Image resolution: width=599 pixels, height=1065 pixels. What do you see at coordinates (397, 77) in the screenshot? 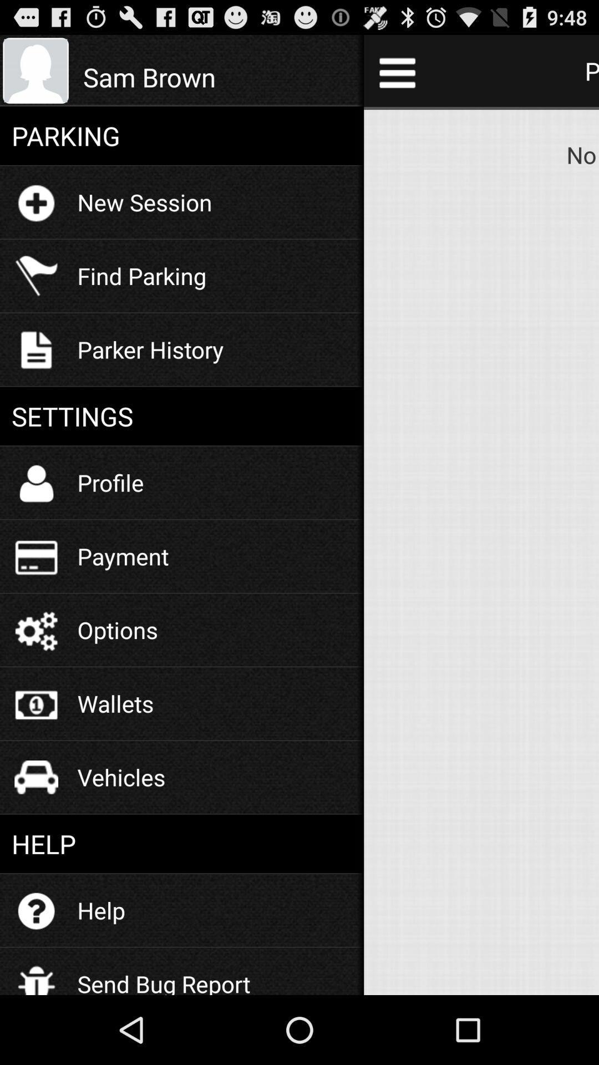
I see `the menu icon` at bounding box center [397, 77].